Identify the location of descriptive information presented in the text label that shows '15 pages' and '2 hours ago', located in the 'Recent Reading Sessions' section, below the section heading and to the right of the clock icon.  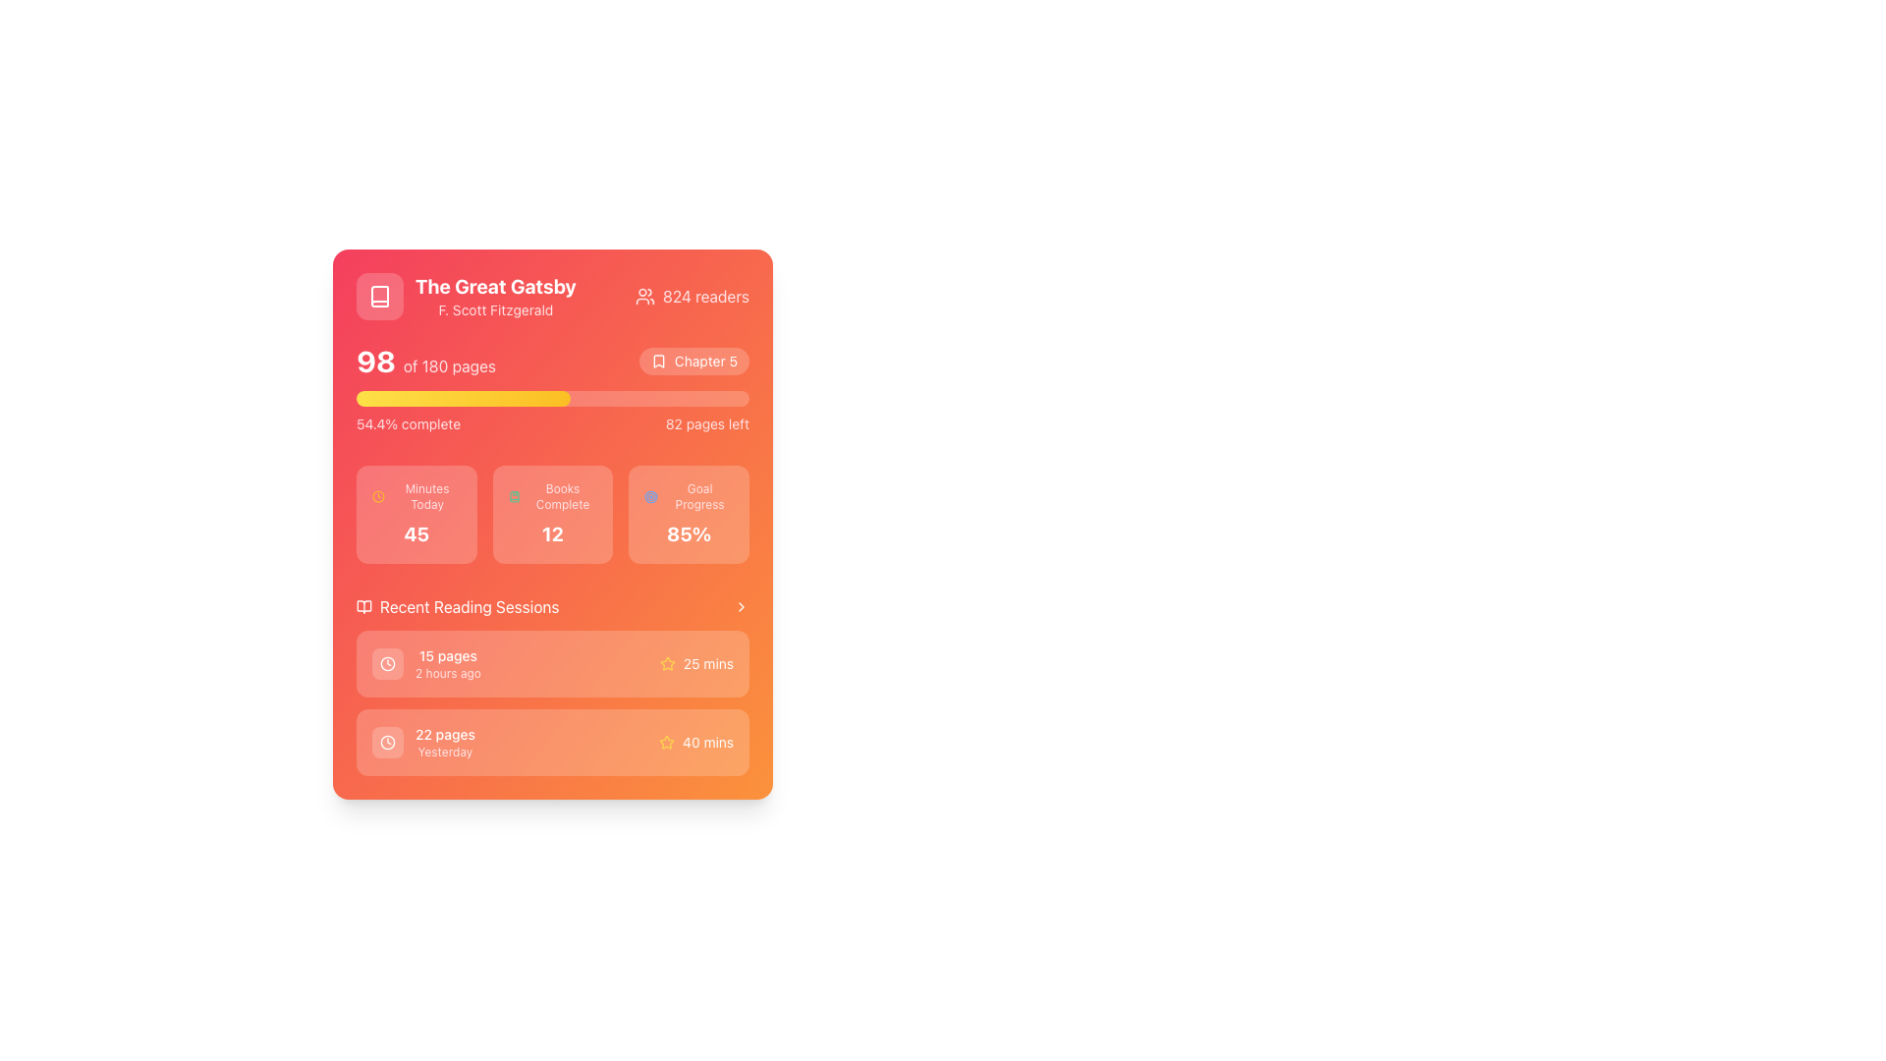
(447, 663).